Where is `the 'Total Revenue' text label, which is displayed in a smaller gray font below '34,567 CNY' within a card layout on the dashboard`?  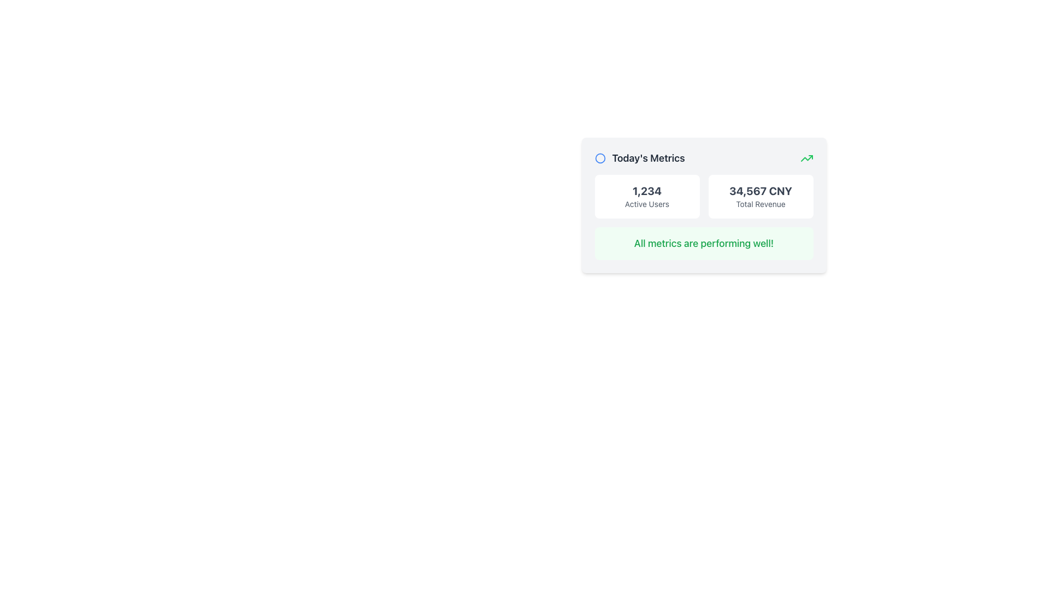
the 'Total Revenue' text label, which is displayed in a smaller gray font below '34,567 CNY' within a card layout on the dashboard is located at coordinates (760, 204).